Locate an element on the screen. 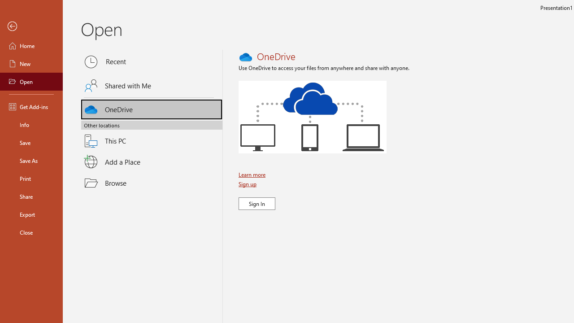  'Add a Place' is located at coordinates (152, 162).